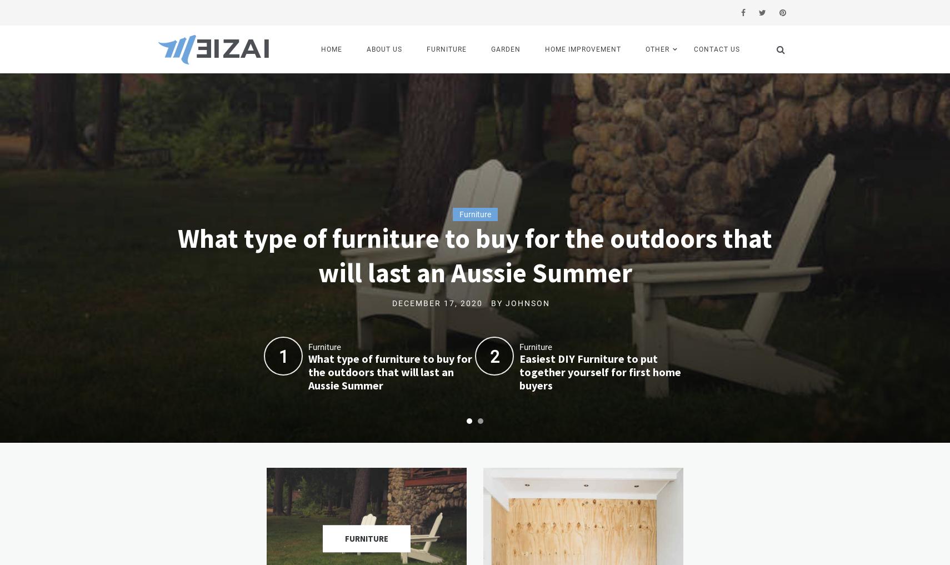  Describe the element at coordinates (207, 136) in the screenshot. I see `'Meizai, the Home of Furniture, Home Improvement and Lifestyle Info.'` at that location.